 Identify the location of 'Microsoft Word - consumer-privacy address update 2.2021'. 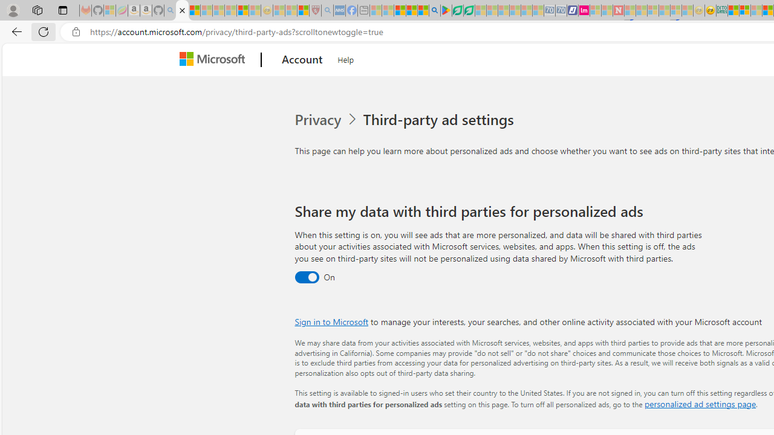
(468, 10).